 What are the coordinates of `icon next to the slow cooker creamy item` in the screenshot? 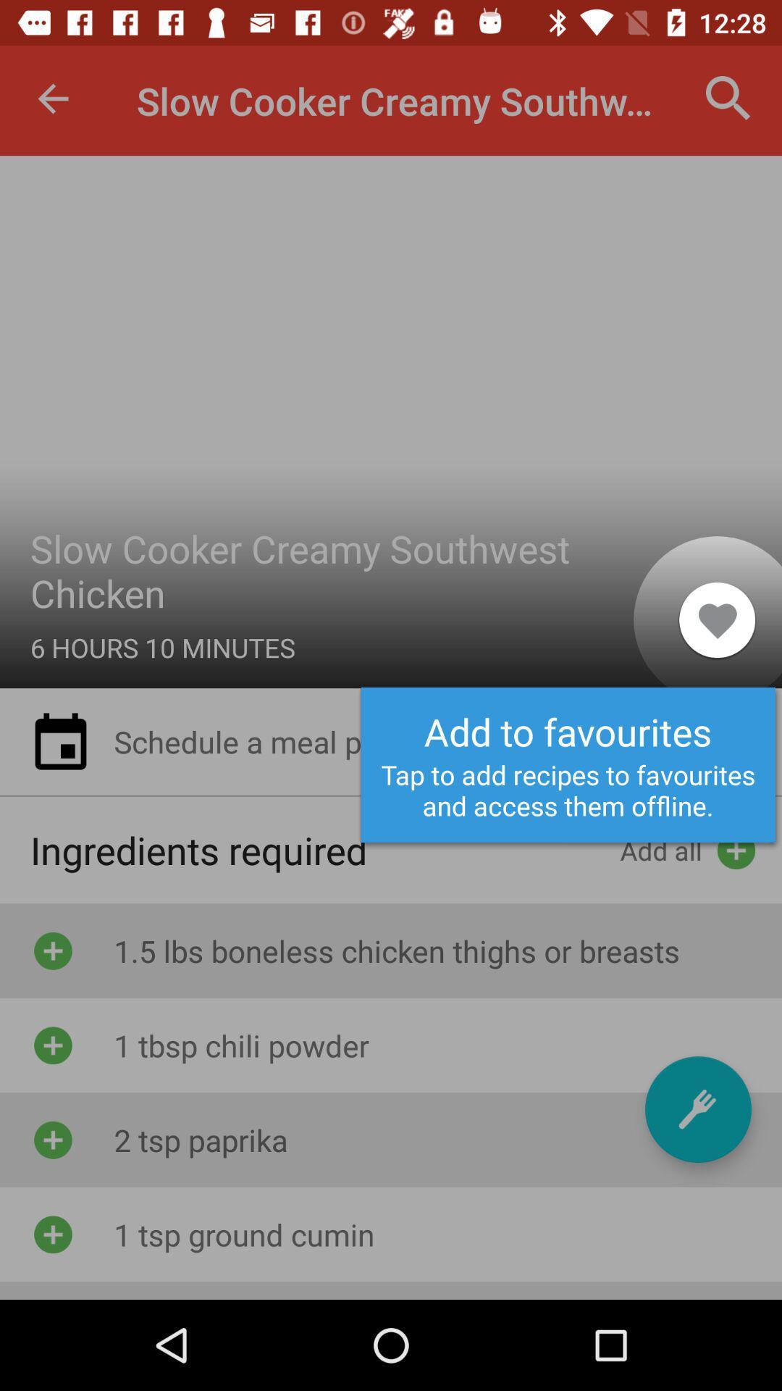 It's located at (717, 619).